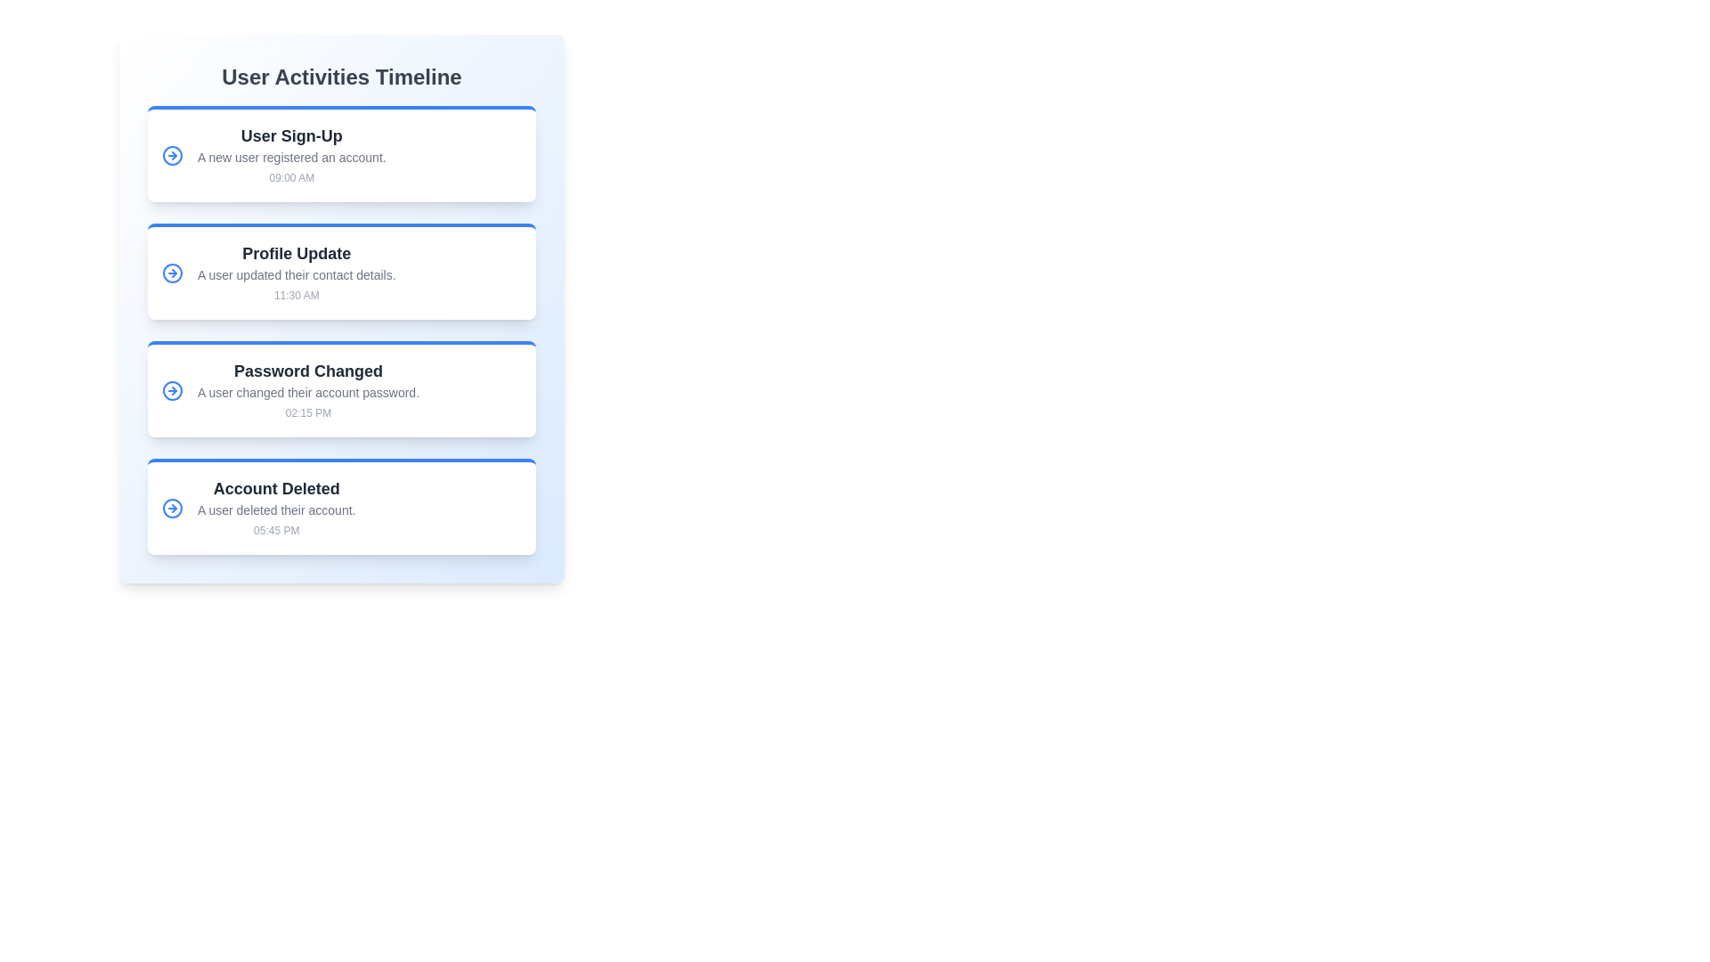 This screenshot has height=962, width=1710. What do you see at coordinates (308, 390) in the screenshot?
I see `information displayed in the Information Display Block titled 'Password Changed', which includes the description 'A user changed their account password.' and the timestamp '02:15 PM'` at bounding box center [308, 390].